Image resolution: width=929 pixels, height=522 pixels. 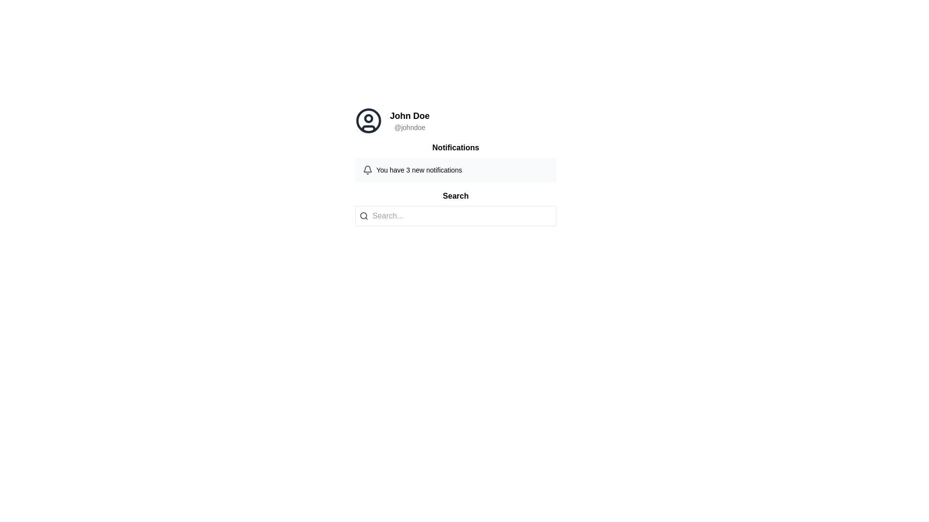 What do you see at coordinates (367, 169) in the screenshot?
I see `the bell icon representing notifications, which features a gray outline and a rounded shape with a handle on top, located to the left of the text 'You have 3 new notifications'` at bounding box center [367, 169].